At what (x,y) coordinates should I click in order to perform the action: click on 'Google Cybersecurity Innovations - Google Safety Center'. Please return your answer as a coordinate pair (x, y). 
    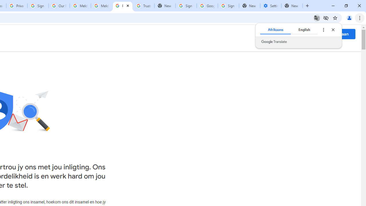
    Looking at the image, I should click on (207, 6).